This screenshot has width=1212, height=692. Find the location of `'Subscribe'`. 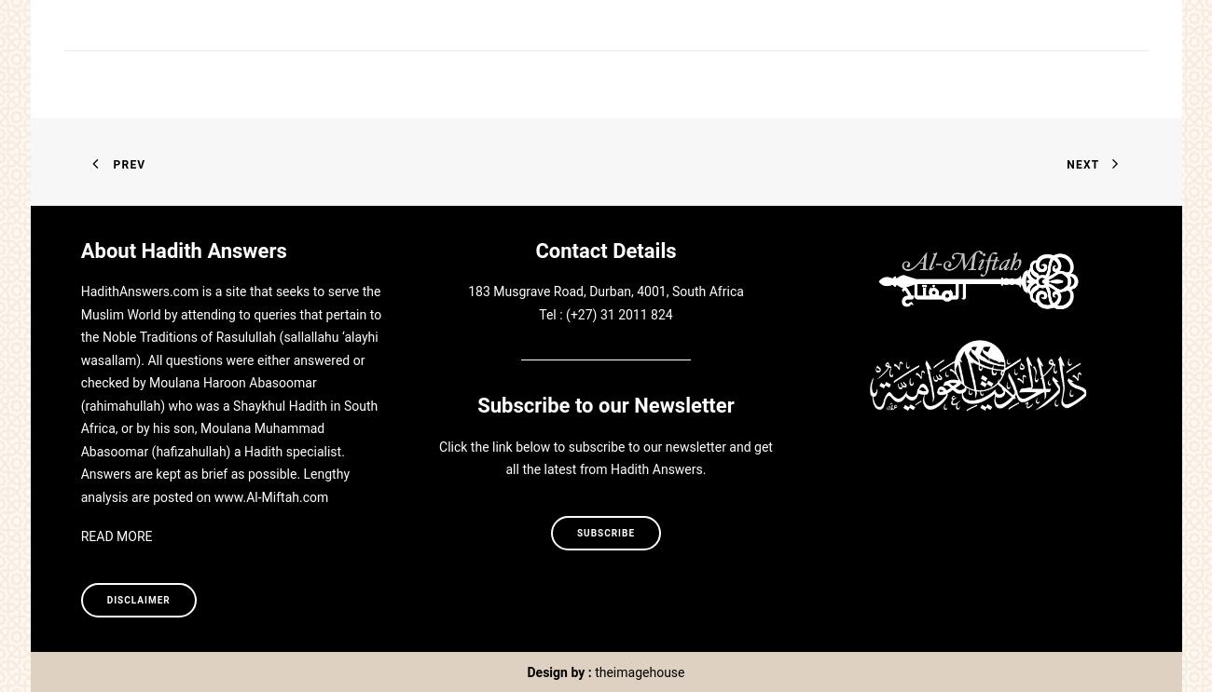

'Subscribe' is located at coordinates (576, 533).